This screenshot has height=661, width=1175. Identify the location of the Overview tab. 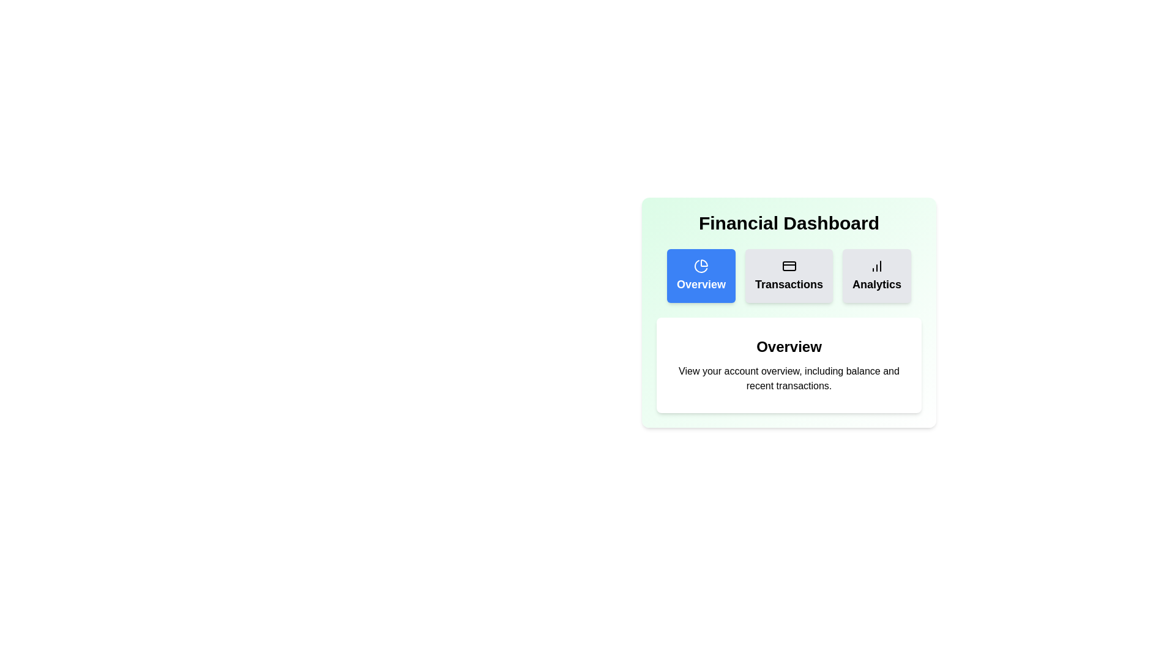
(701, 276).